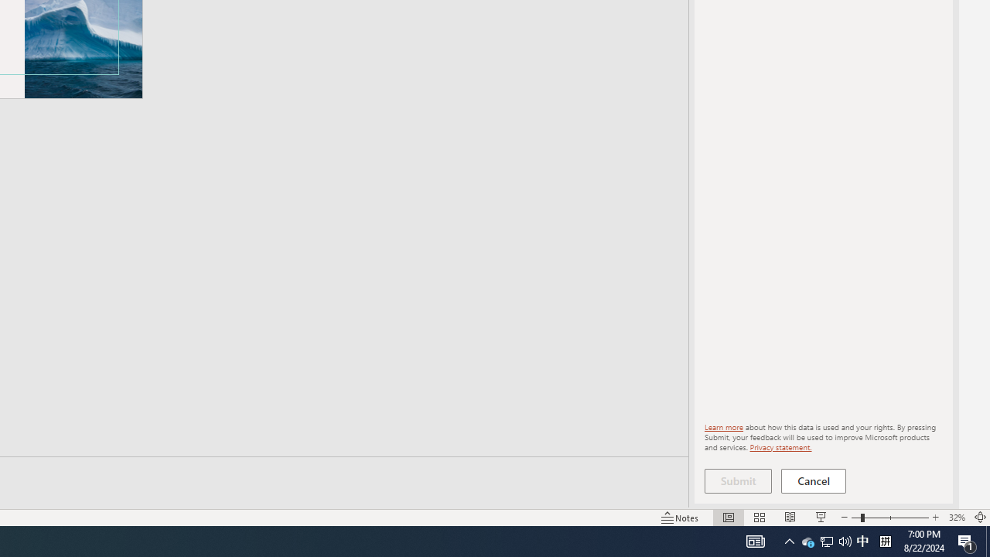 This screenshot has height=557, width=990. What do you see at coordinates (723, 426) in the screenshot?
I see `'Learn more'` at bounding box center [723, 426].